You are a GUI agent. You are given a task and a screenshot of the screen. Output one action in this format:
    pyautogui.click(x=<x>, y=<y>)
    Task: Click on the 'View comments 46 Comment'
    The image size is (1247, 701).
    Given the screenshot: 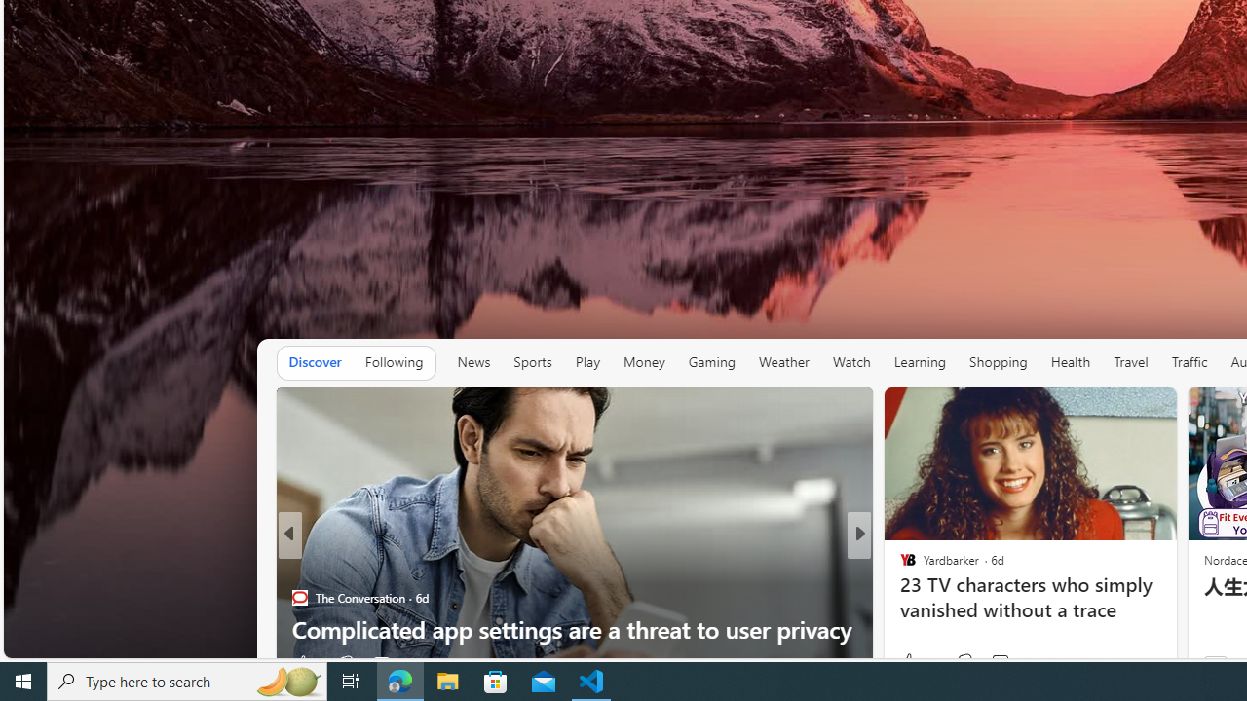 What is the action you would take?
    pyautogui.click(x=1000, y=661)
    